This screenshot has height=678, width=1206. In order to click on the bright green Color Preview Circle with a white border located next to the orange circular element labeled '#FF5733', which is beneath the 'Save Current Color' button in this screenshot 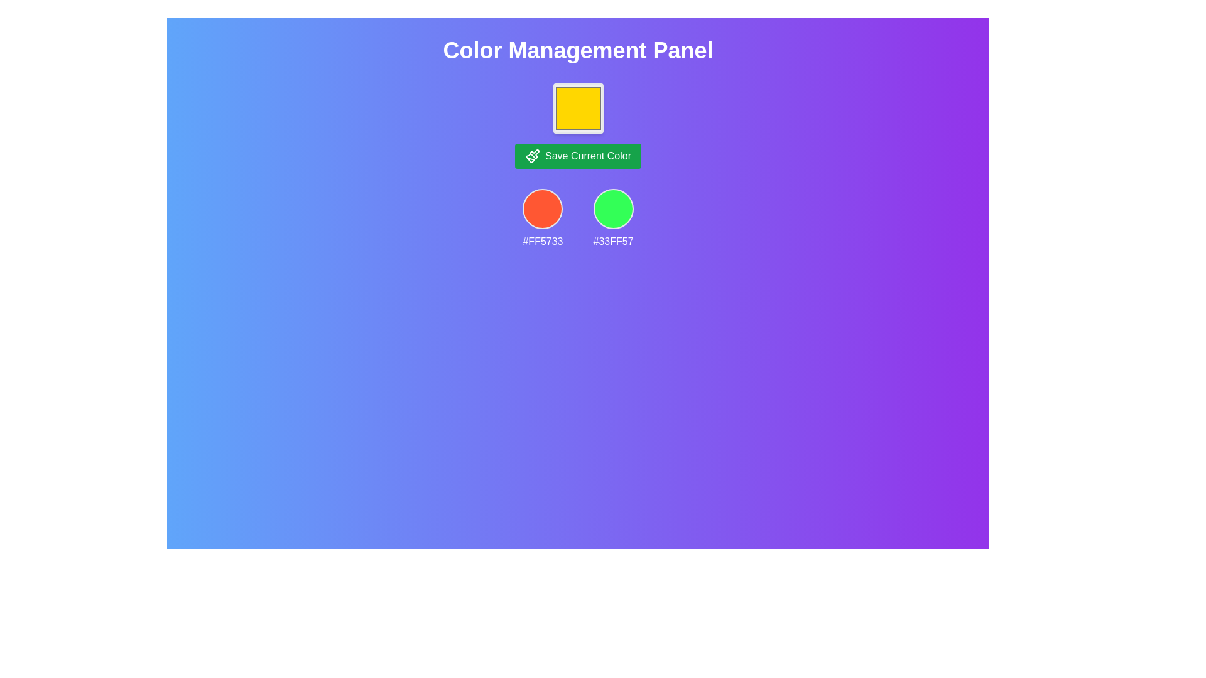, I will do `click(613, 208)`.